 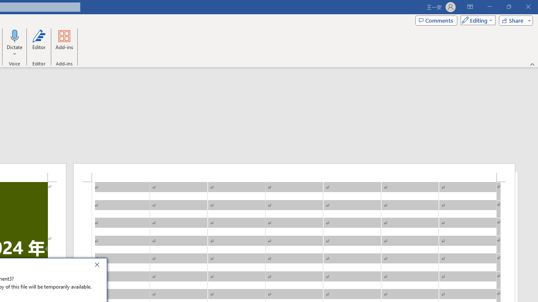 I want to click on 'Editor', so click(x=38, y=43).